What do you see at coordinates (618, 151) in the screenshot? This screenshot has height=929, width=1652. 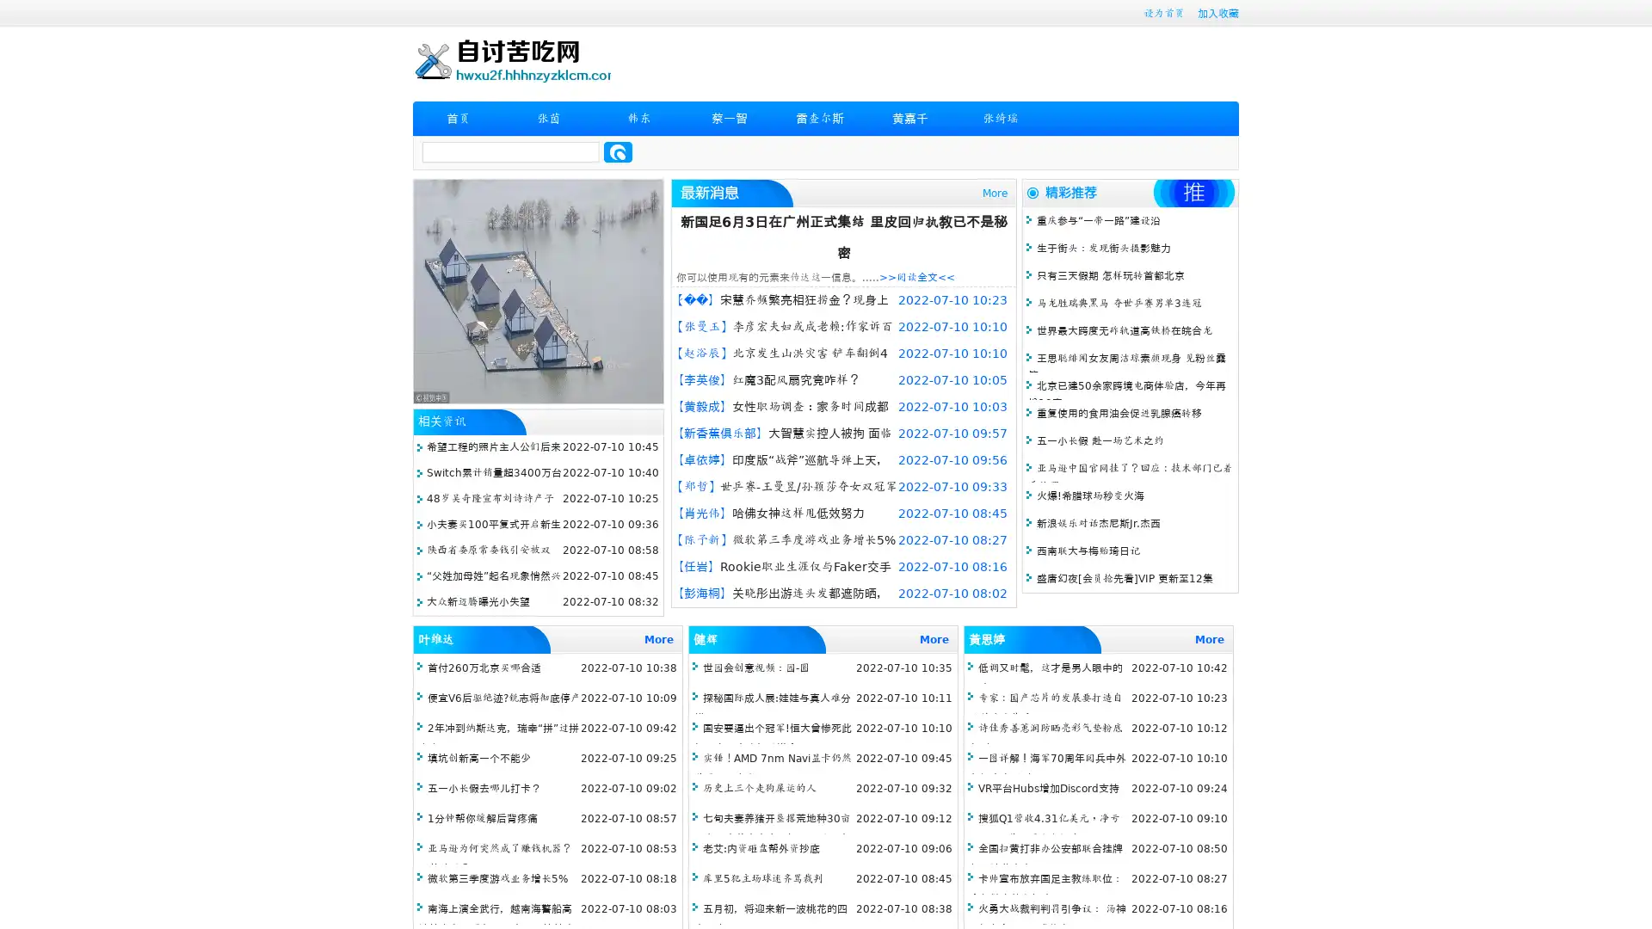 I see `Search` at bounding box center [618, 151].